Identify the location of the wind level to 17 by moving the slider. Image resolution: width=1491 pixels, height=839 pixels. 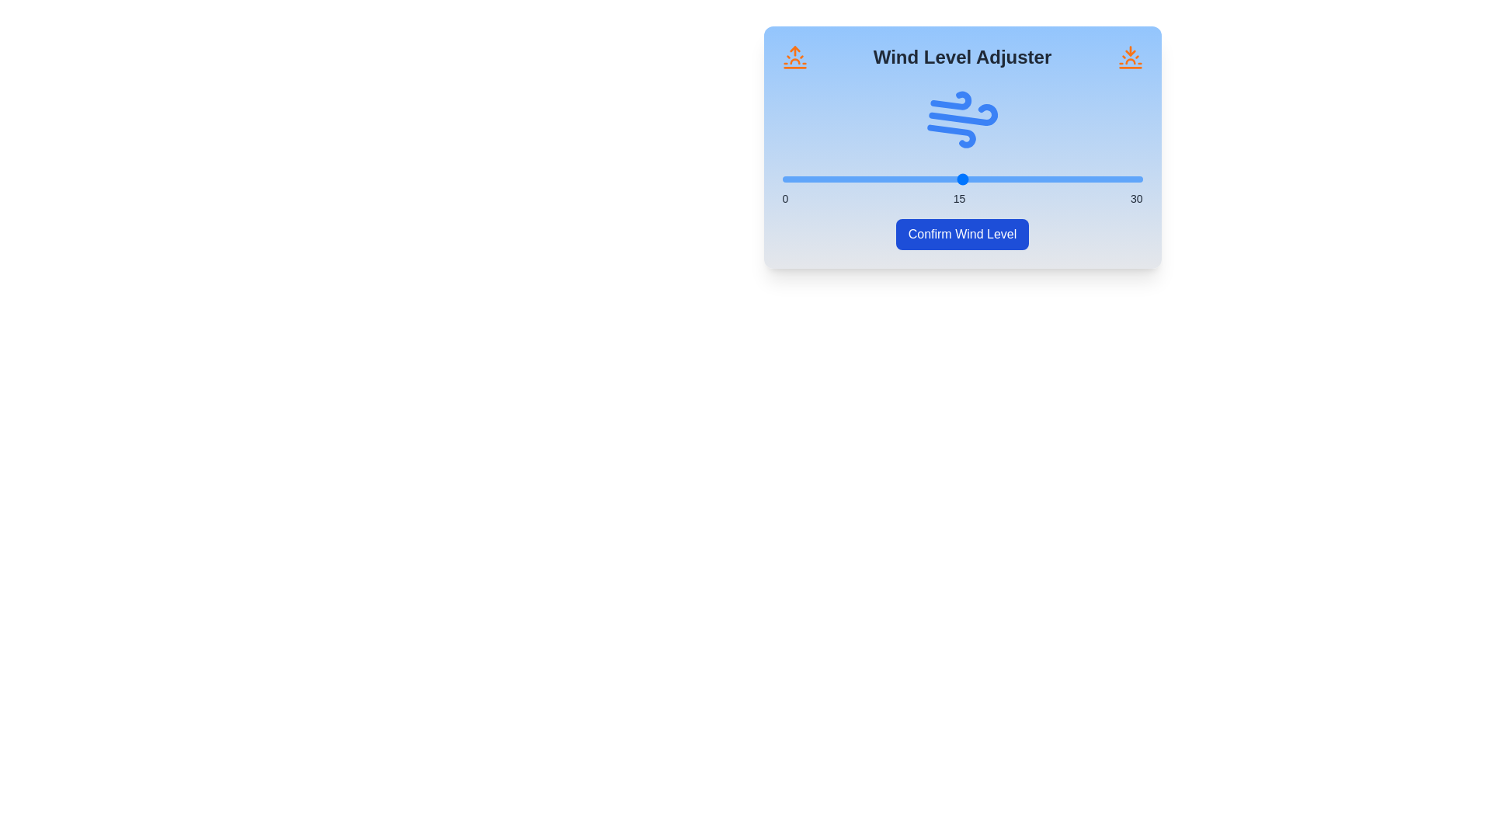
(985, 179).